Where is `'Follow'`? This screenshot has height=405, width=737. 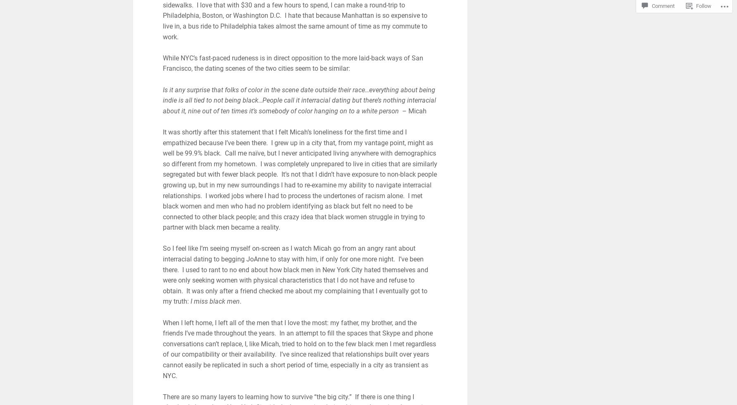
'Follow' is located at coordinates (703, 6).